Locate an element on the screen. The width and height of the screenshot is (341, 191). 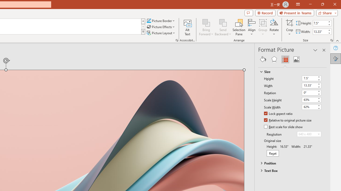
'Picture Effects' is located at coordinates (161, 27).